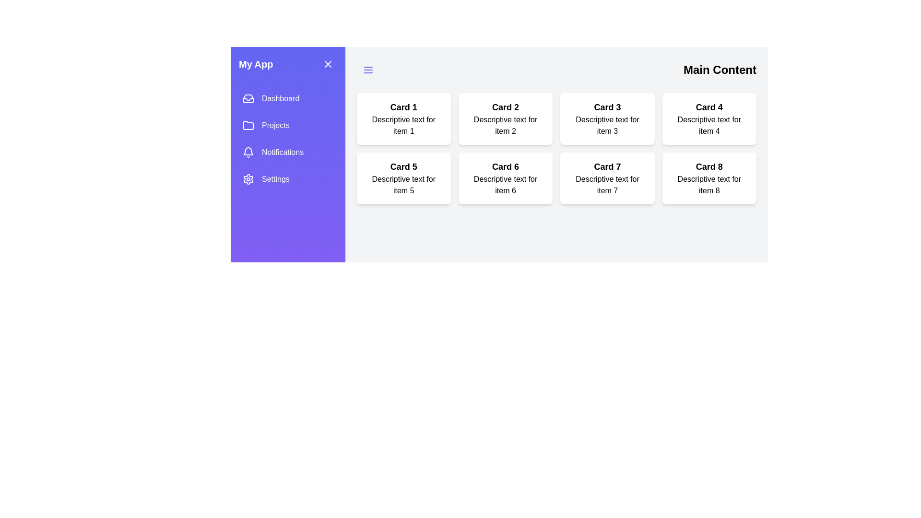  I want to click on the menu button in the header to toggle the drawer, so click(367, 70).